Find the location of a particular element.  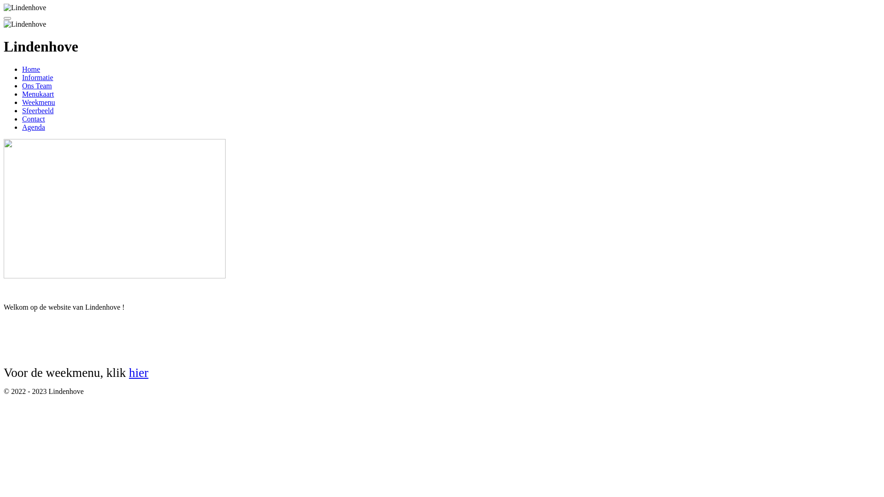

'Informatie' is located at coordinates (22, 77).